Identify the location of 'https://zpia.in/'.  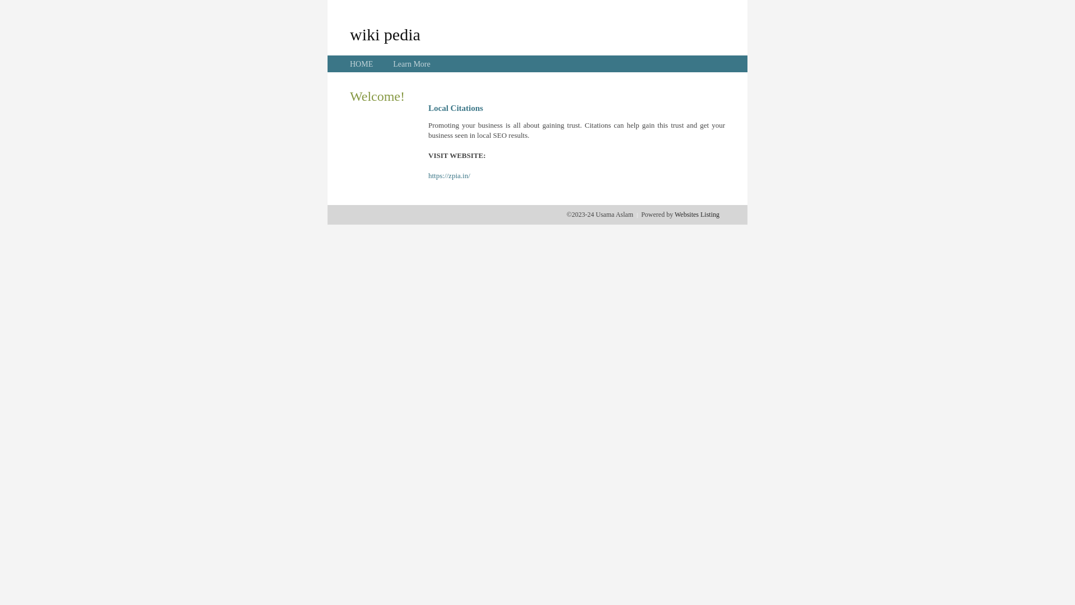
(449, 175).